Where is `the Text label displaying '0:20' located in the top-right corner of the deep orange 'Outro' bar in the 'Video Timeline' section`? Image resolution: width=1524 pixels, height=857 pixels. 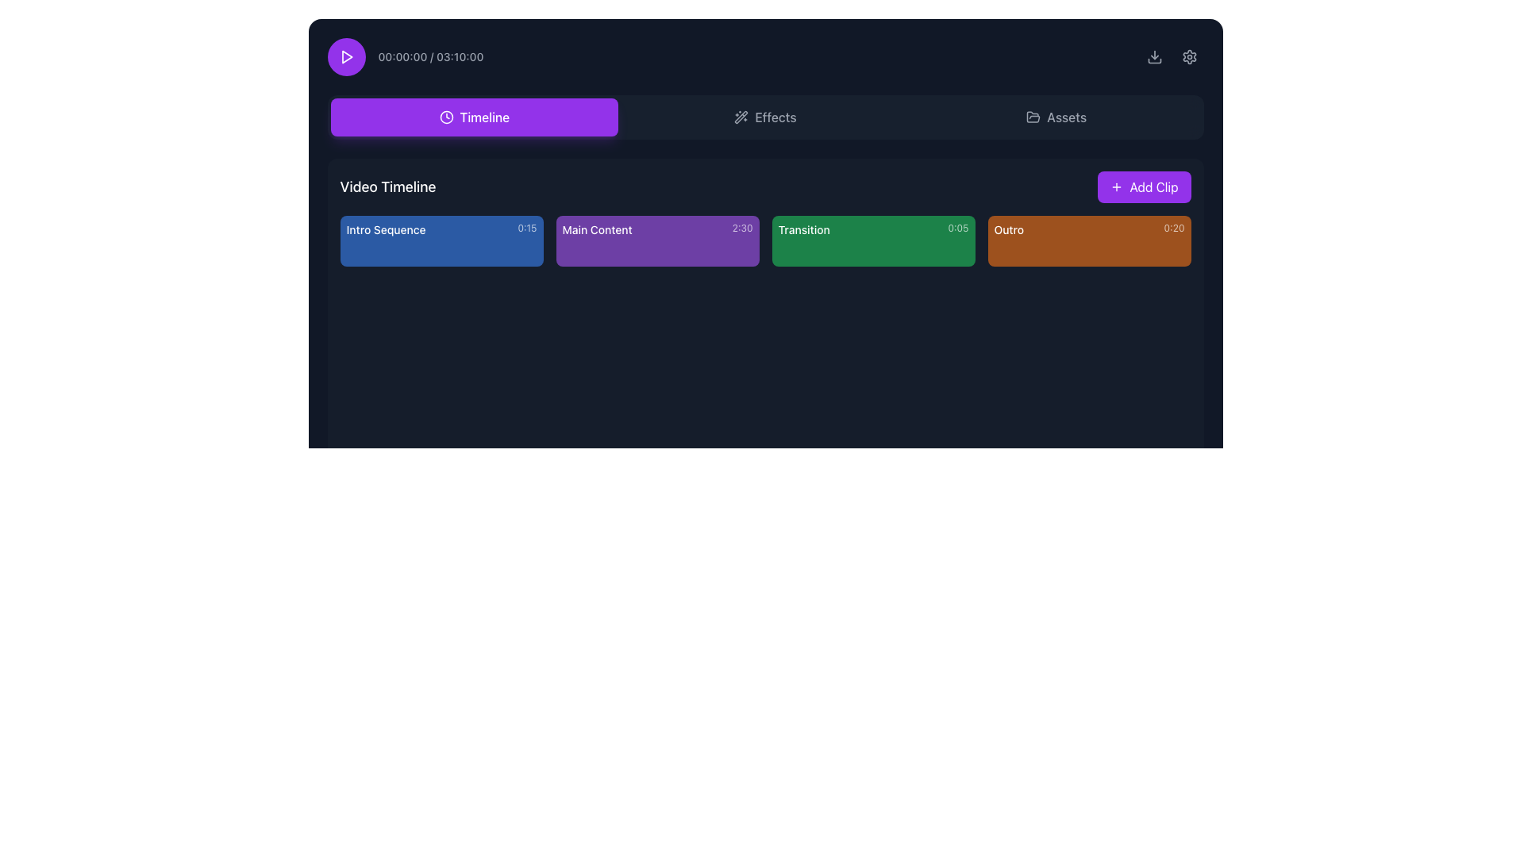
the Text label displaying '0:20' located in the top-right corner of the deep orange 'Outro' bar in the 'Video Timeline' section is located at coordinates (1174, 229).